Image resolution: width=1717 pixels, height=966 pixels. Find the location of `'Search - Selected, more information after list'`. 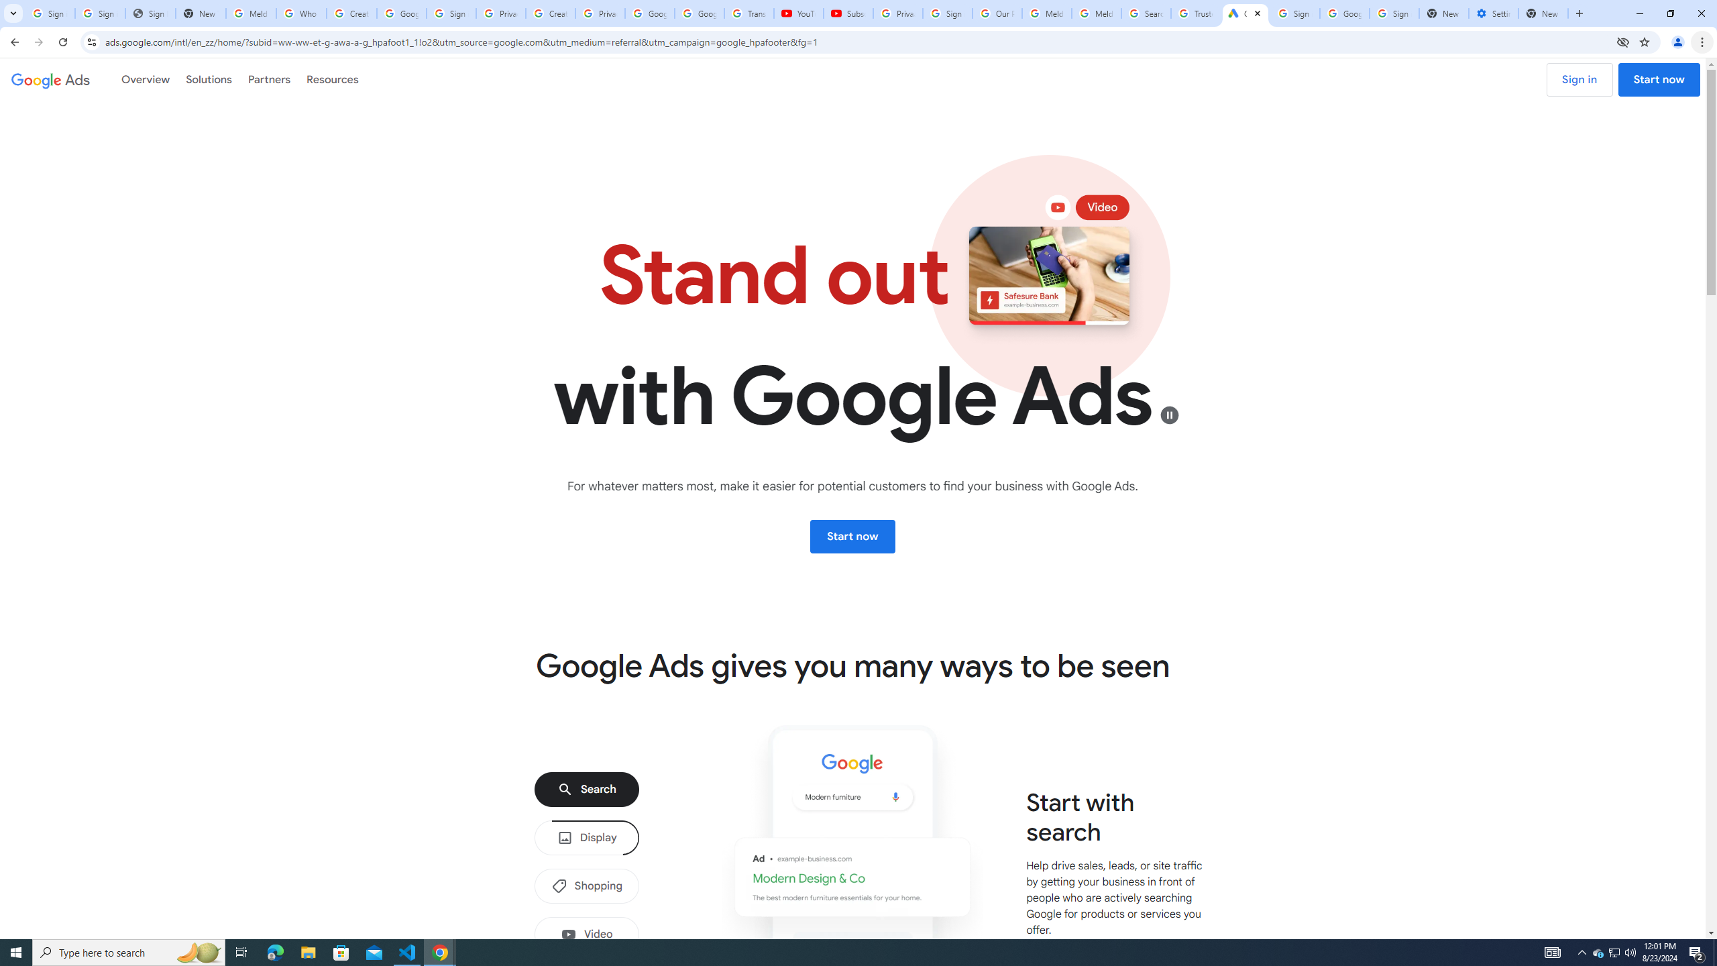

'Search - Selected, more information after list' is located at coordinates (587, 788).